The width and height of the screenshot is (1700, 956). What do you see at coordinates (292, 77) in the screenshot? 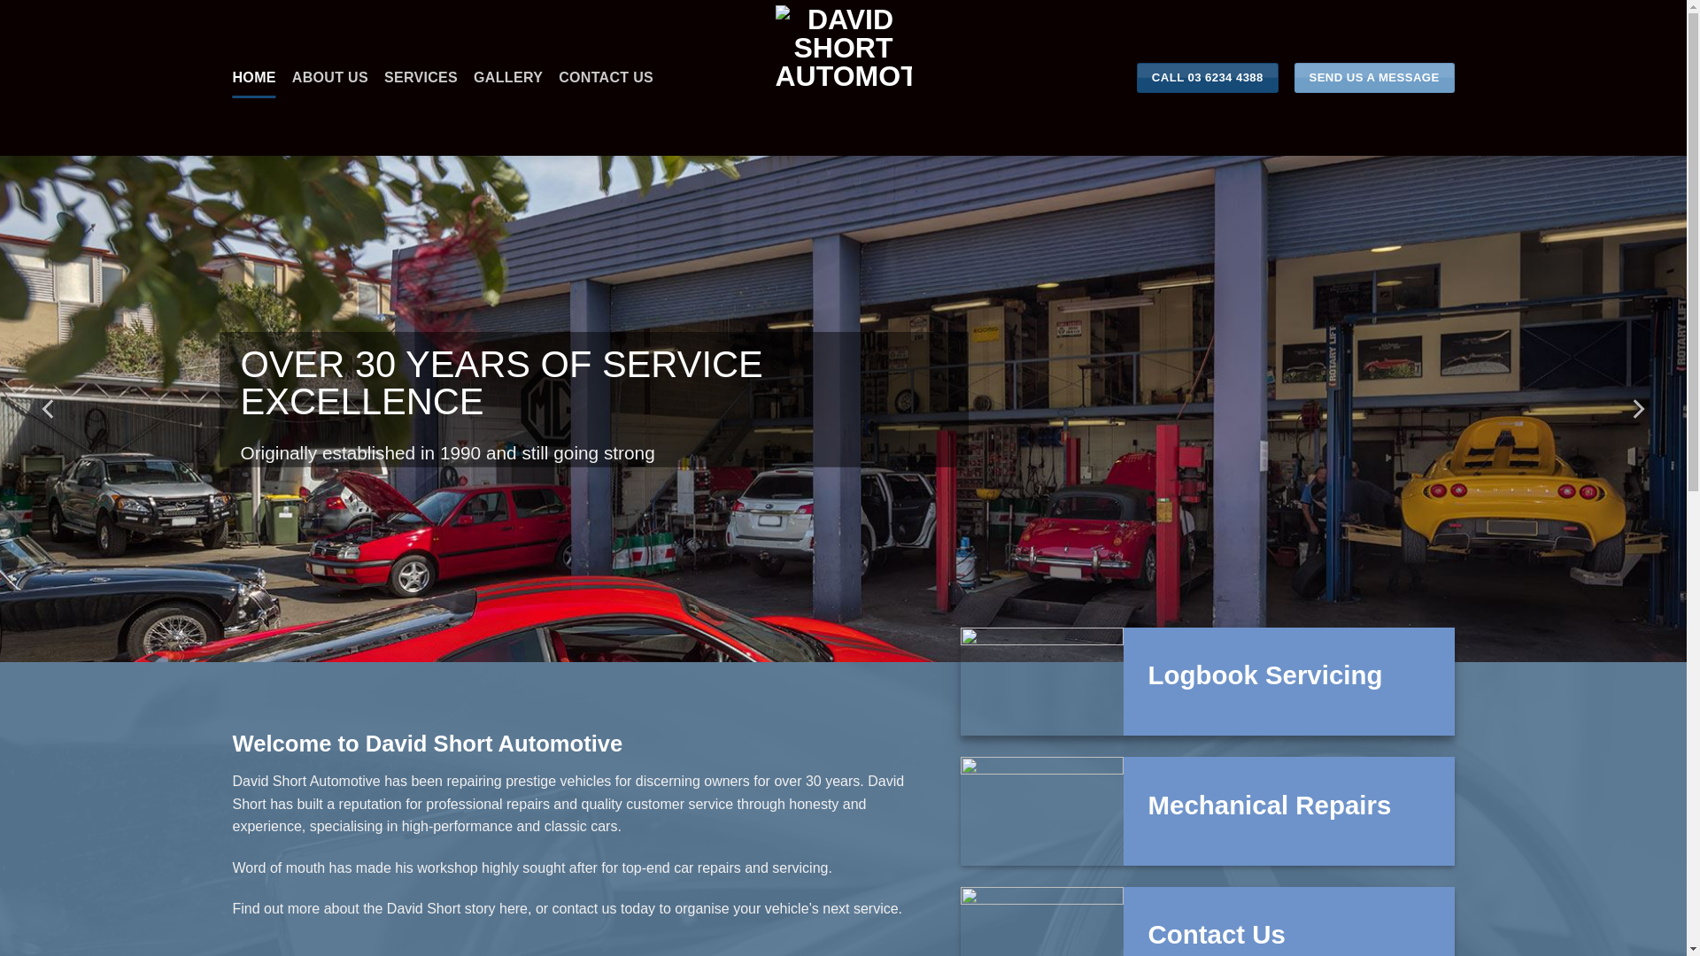
I see `'ABOUT US'` at bounding box center [292, 77].